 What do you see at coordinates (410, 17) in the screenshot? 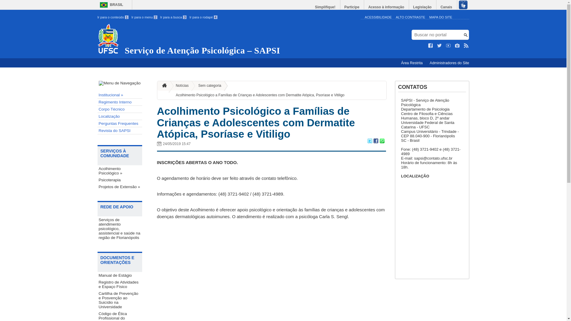
I see `'ALTO CONTRASTE'` at bounding box center [410, 17].